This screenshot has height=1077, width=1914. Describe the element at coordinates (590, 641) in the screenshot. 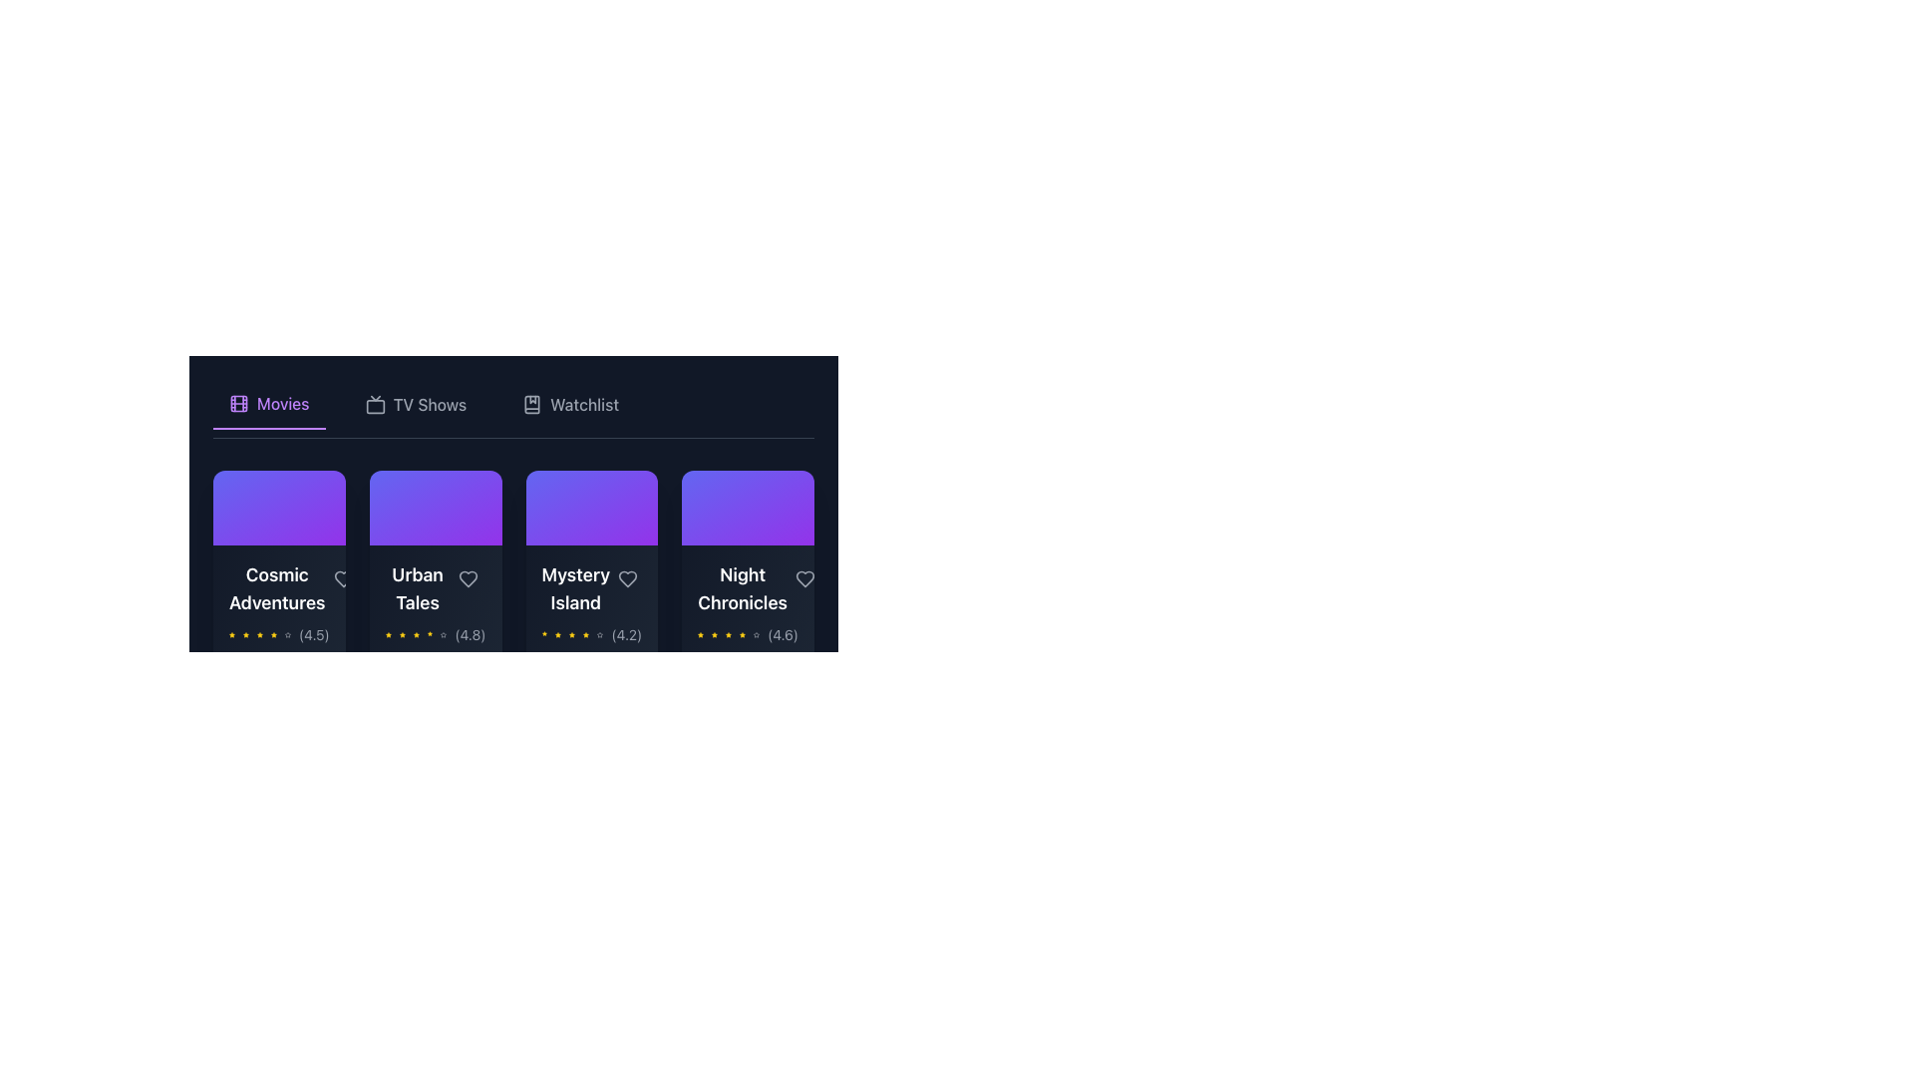

I see `the 'Mystery Island' movie card` at that location.